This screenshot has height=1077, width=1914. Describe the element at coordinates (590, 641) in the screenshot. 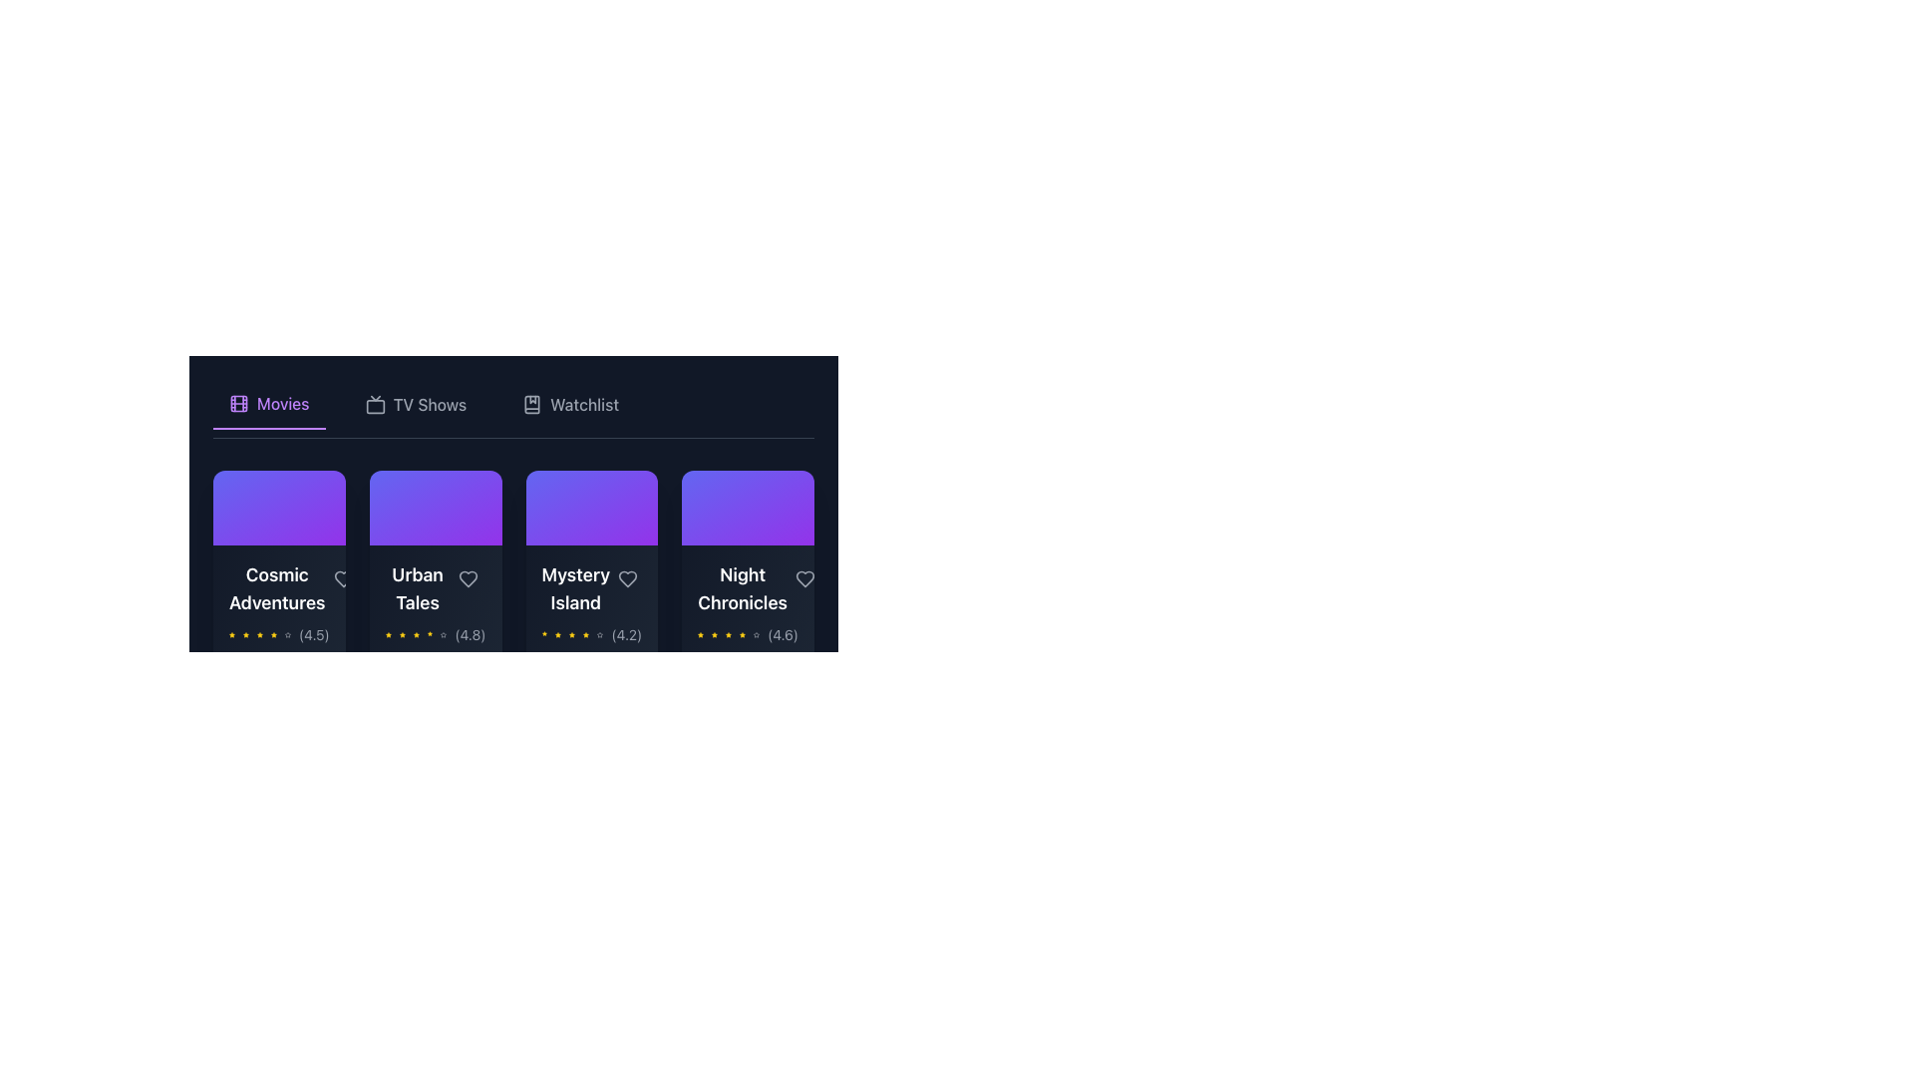

I see `the 'Mystery Island' movie card` at that location.